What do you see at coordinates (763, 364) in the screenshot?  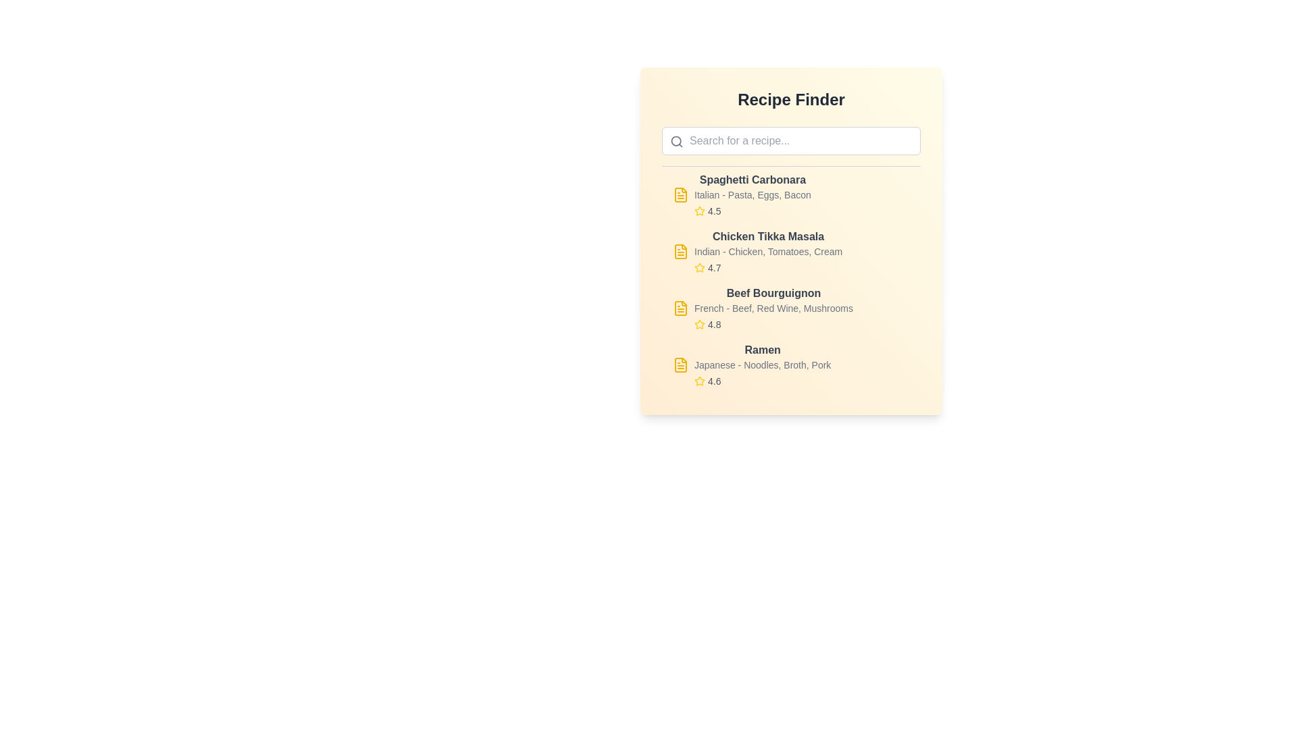 I see `to select the list item titled 'Ramen' in the recipe selection interface, which features a yellow star icon and a description below it` at bounding box center [763, 364].